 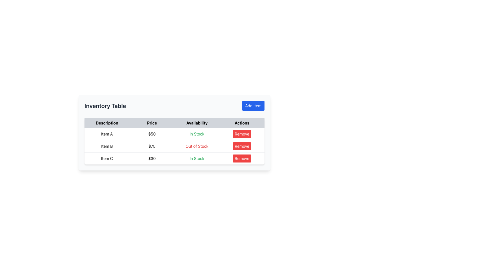 What do you see at coordinates (196, 158) in the screenshot?
I see `static text element 'In Stock' styled in green font located in the 'Availability' column of the third row in the inventory table` at bounding box center [196, 158].